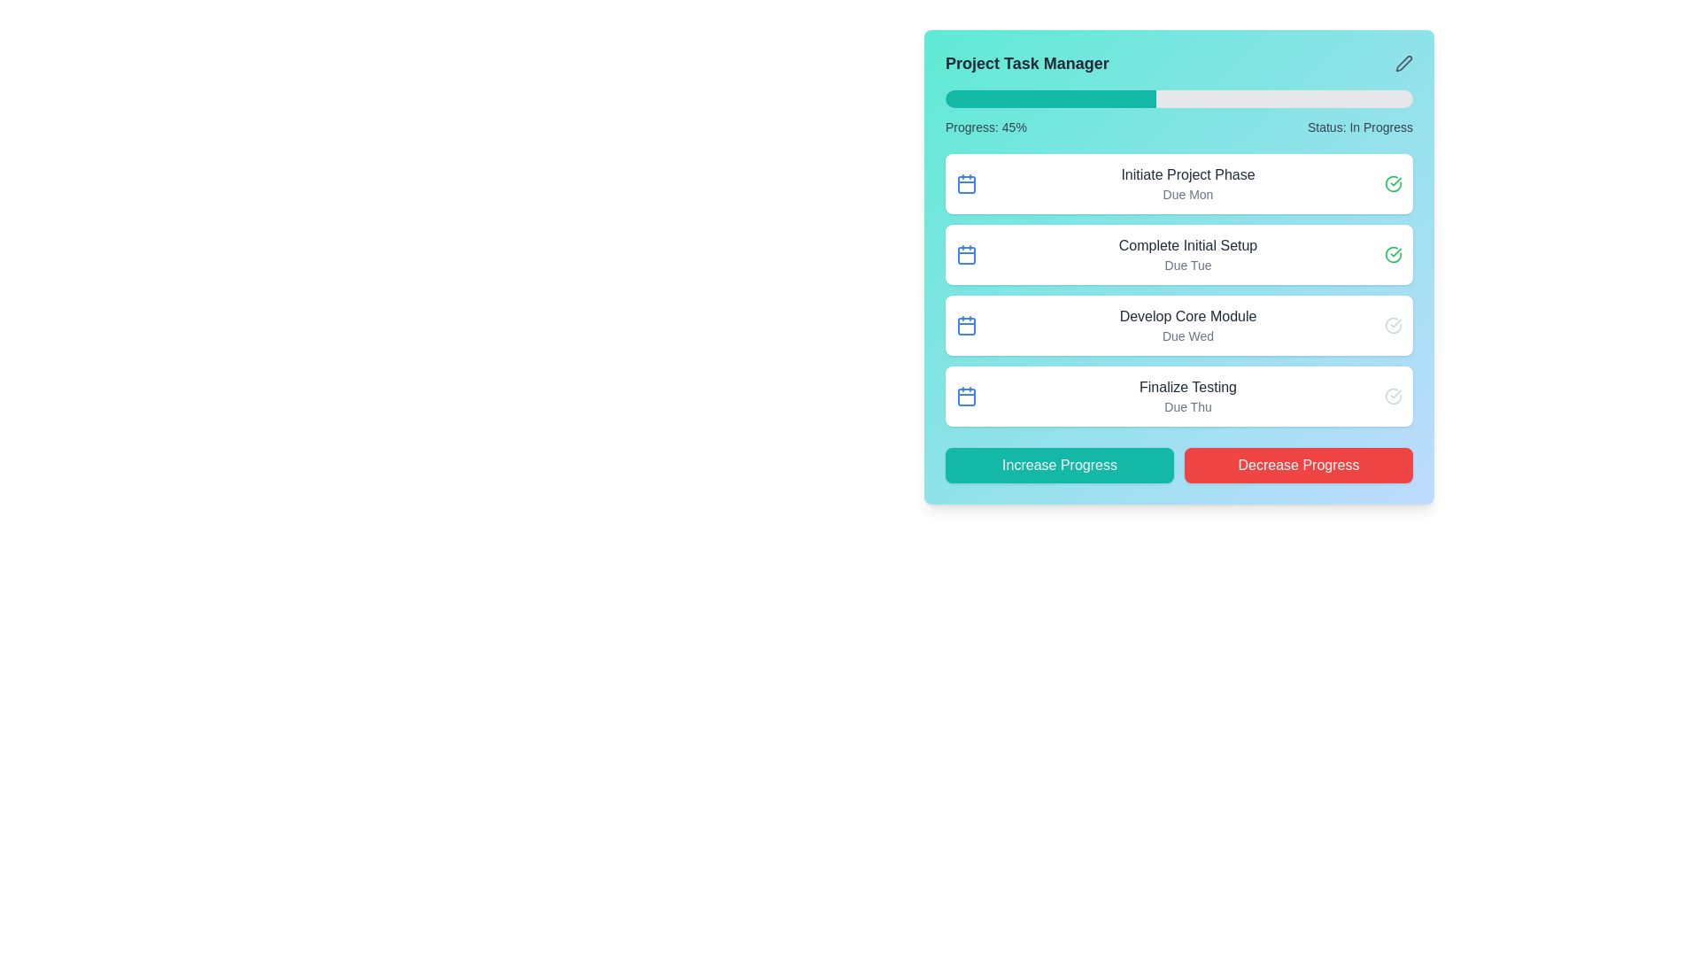 Image resolution: width=1700 pixels, height=956 pixels. What do you see at coordinates (965, 184) in the screenshot?
I see `the calendar icon represented by a rounded rectangular SVG element, which is located to the left of the text 'Initiate Project Phase' in the task management interface` at bounding box center [965, 184].